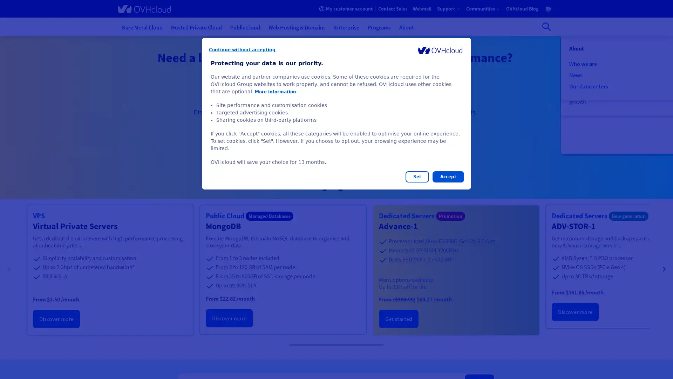 The width and height of the screenshot is (673, 379). What do you see at coordinates (546, 26) in the screenshot?
I see `Open search bar` at bounding box center [546, 26].